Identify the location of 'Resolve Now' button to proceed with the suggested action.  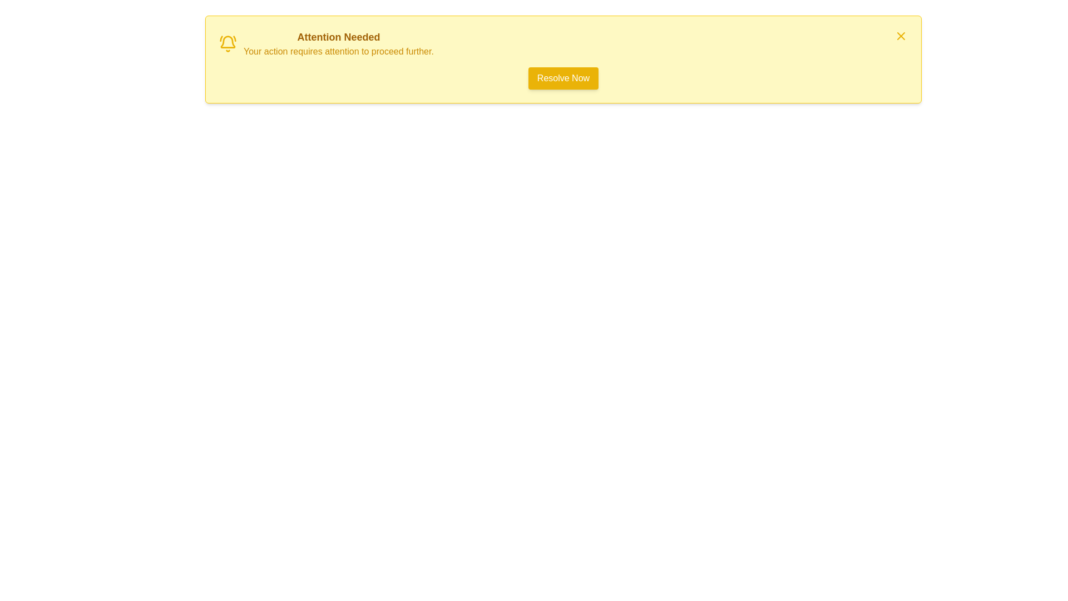
(563, 78).